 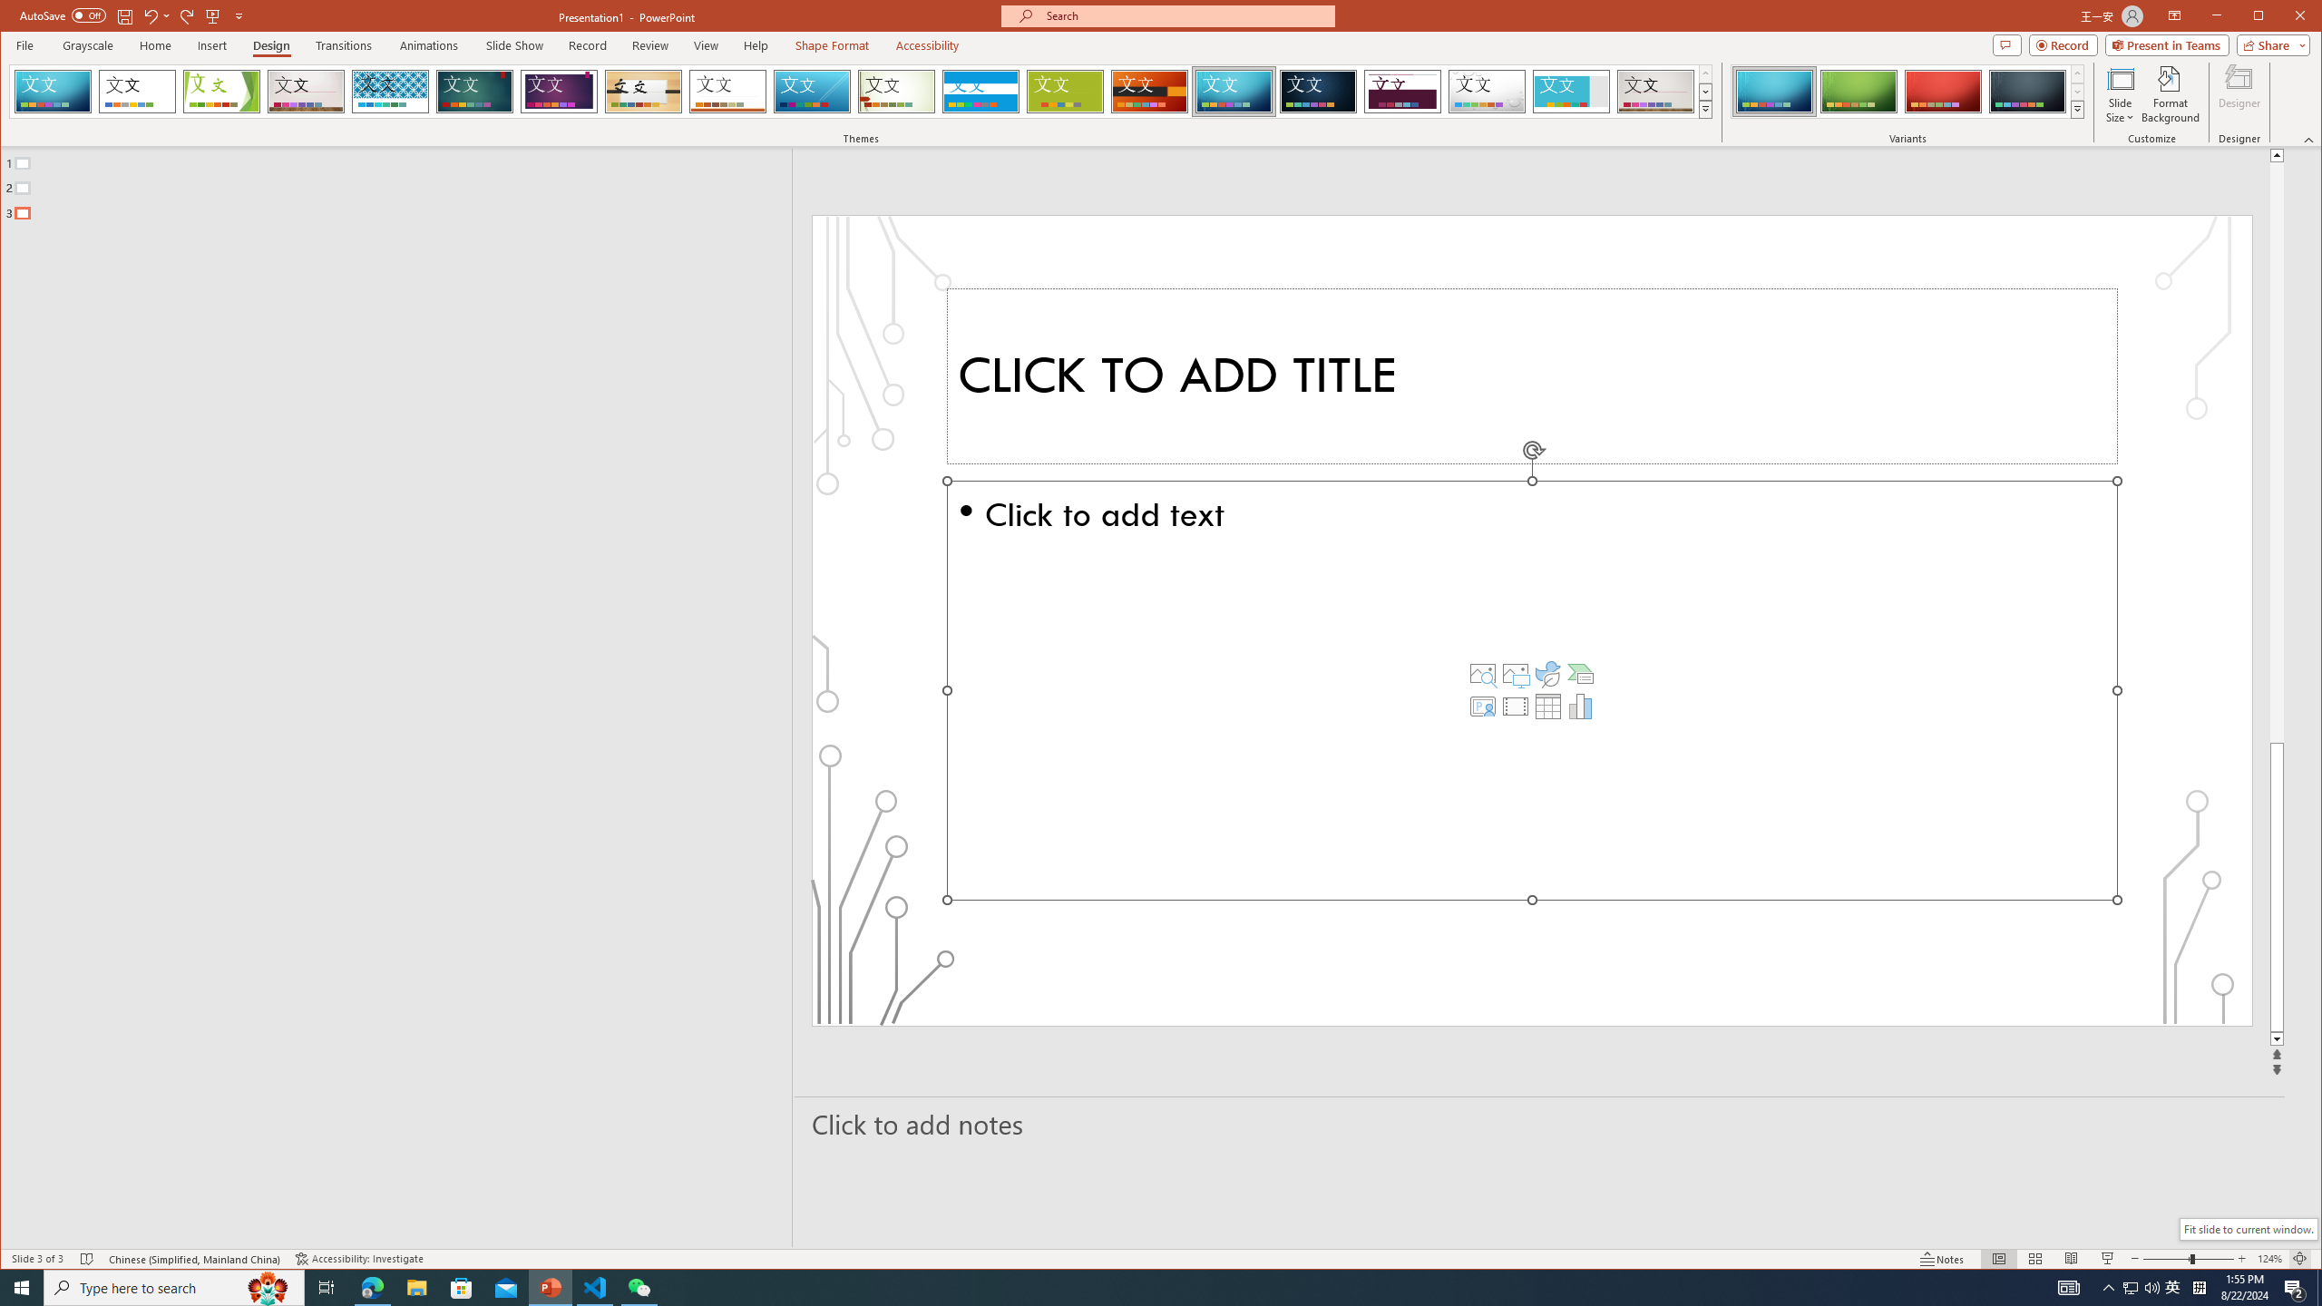 What do you see at coordinates (1319, 91) in the screenshot?
I see `'Damask'` at bounding box center [1319, 91].